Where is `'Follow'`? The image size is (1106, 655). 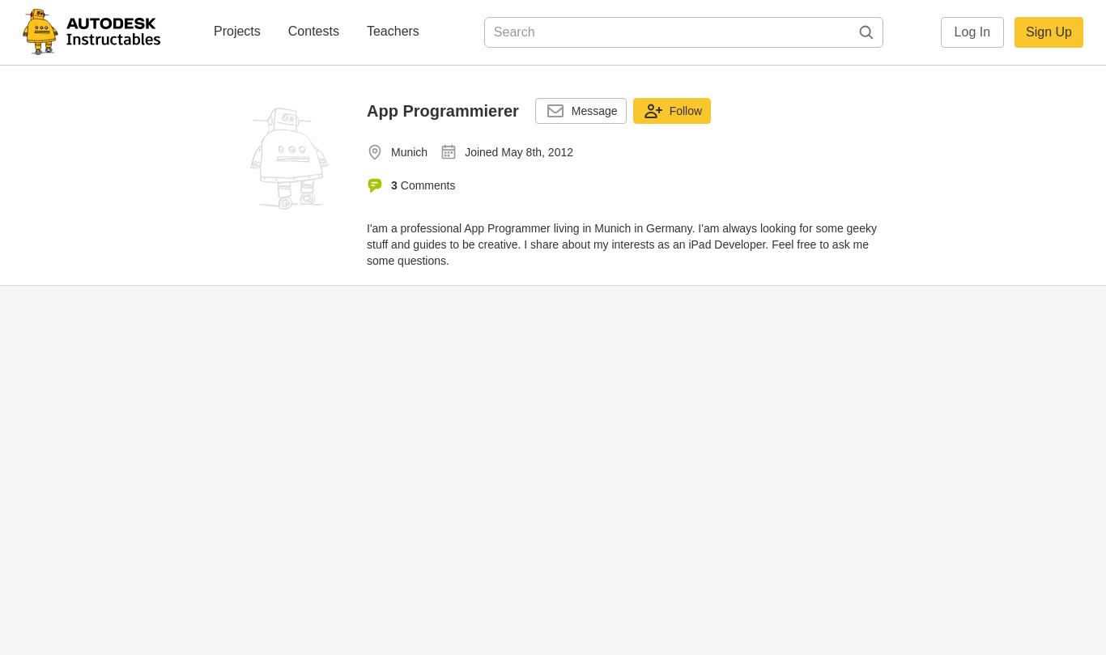
'Follow' is located at coordinates (684, 109).